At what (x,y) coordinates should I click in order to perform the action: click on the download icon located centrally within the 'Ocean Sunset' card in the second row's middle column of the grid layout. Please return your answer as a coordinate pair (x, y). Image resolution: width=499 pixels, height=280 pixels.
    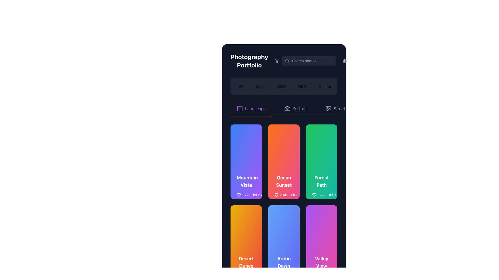
    Looking at the image, I should click on (279, 195).